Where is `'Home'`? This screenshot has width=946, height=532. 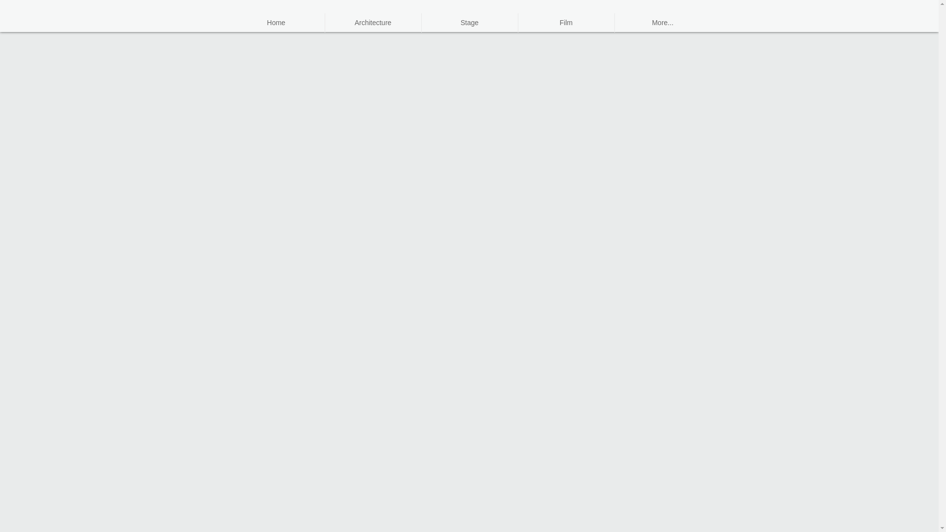 'Home' is located at coordinates (276, 22).